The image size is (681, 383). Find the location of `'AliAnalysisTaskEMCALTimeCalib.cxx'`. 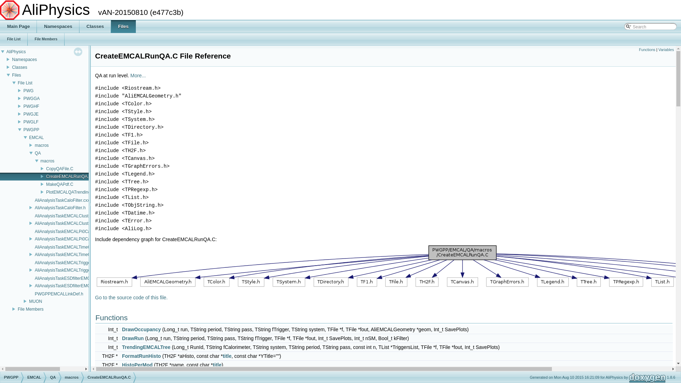

'AliAnalysisTaskEMCALTimeCalib.cxx' is located at coordinates (70, 247).